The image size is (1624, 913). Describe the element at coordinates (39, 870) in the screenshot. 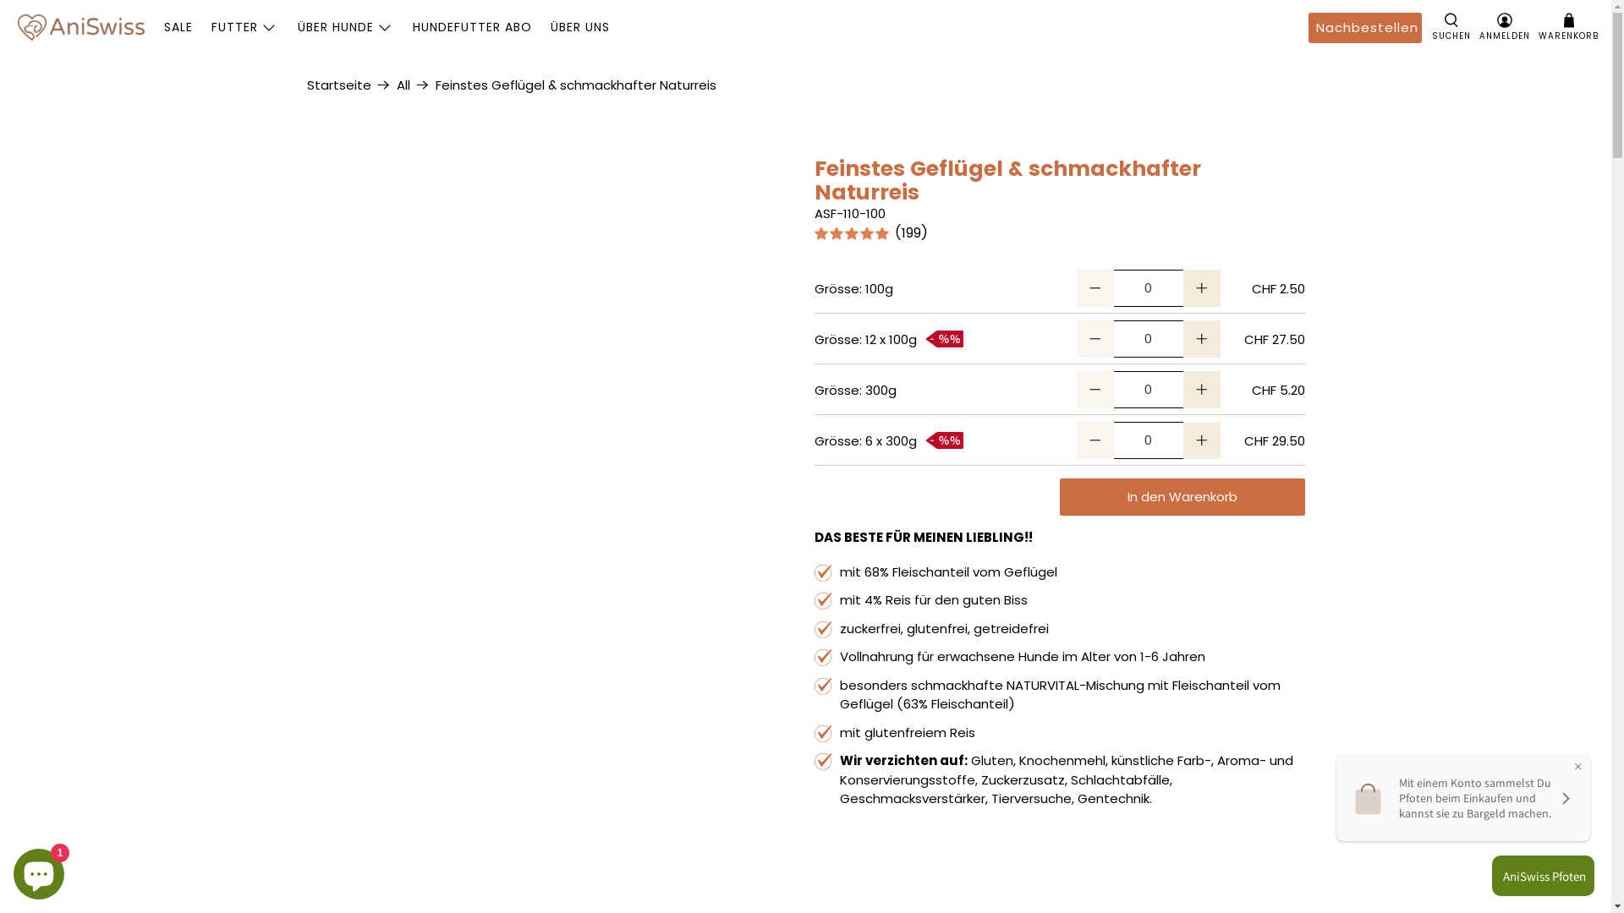

I see `'Onlineshop-Chat von Shopify'` at that location.